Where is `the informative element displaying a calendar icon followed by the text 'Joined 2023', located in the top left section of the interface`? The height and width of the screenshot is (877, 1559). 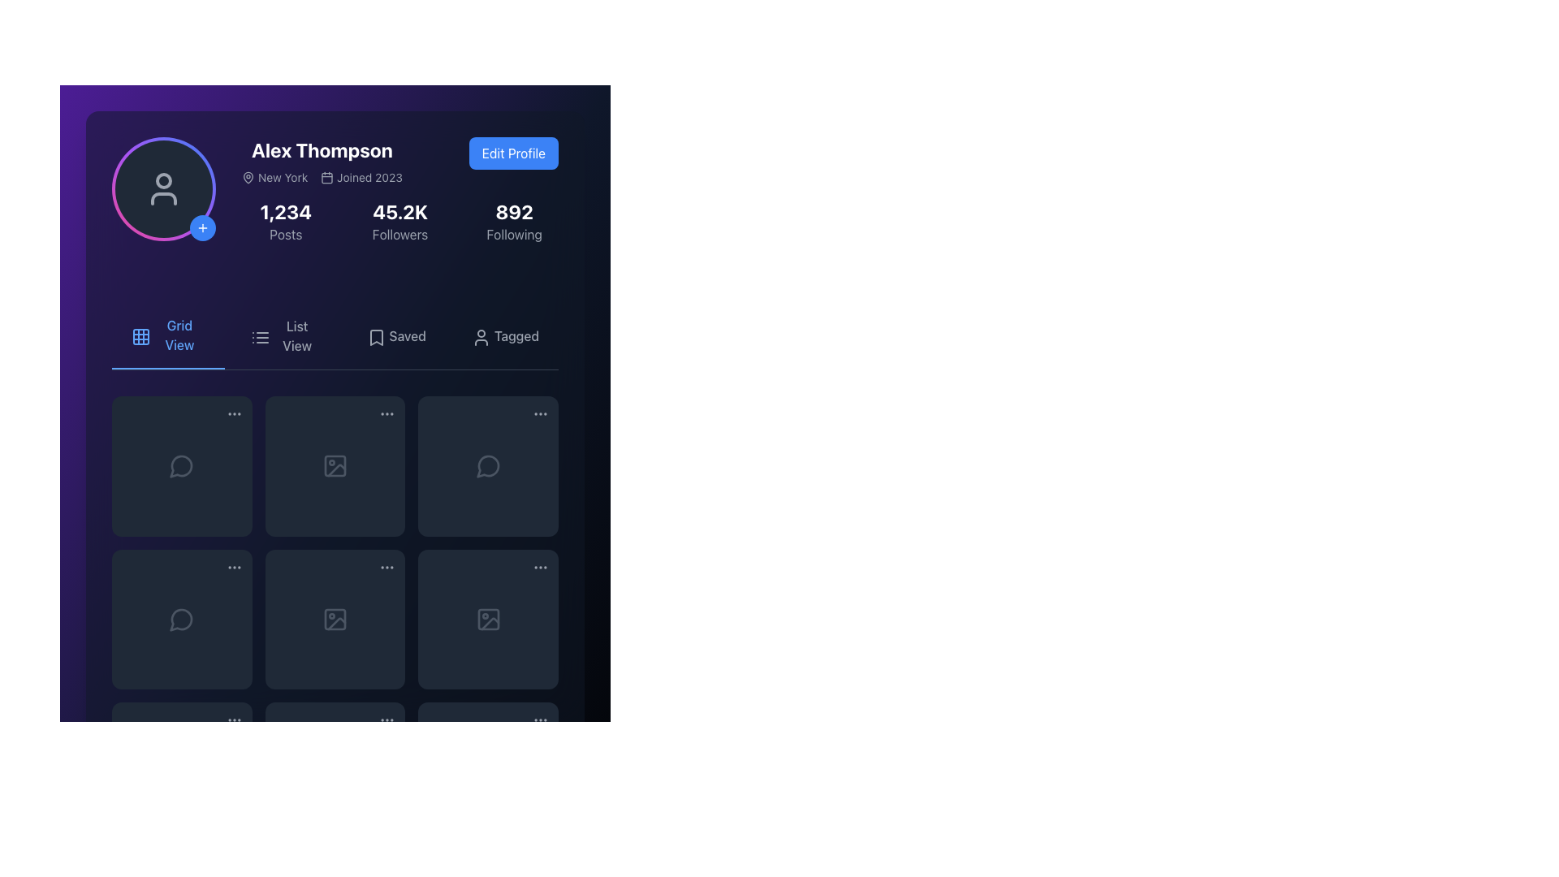 the informative element displaying a calendar icon followed by the text 'Joined 2023', located in the top left section of the interface is located at coordinates (361, 178).